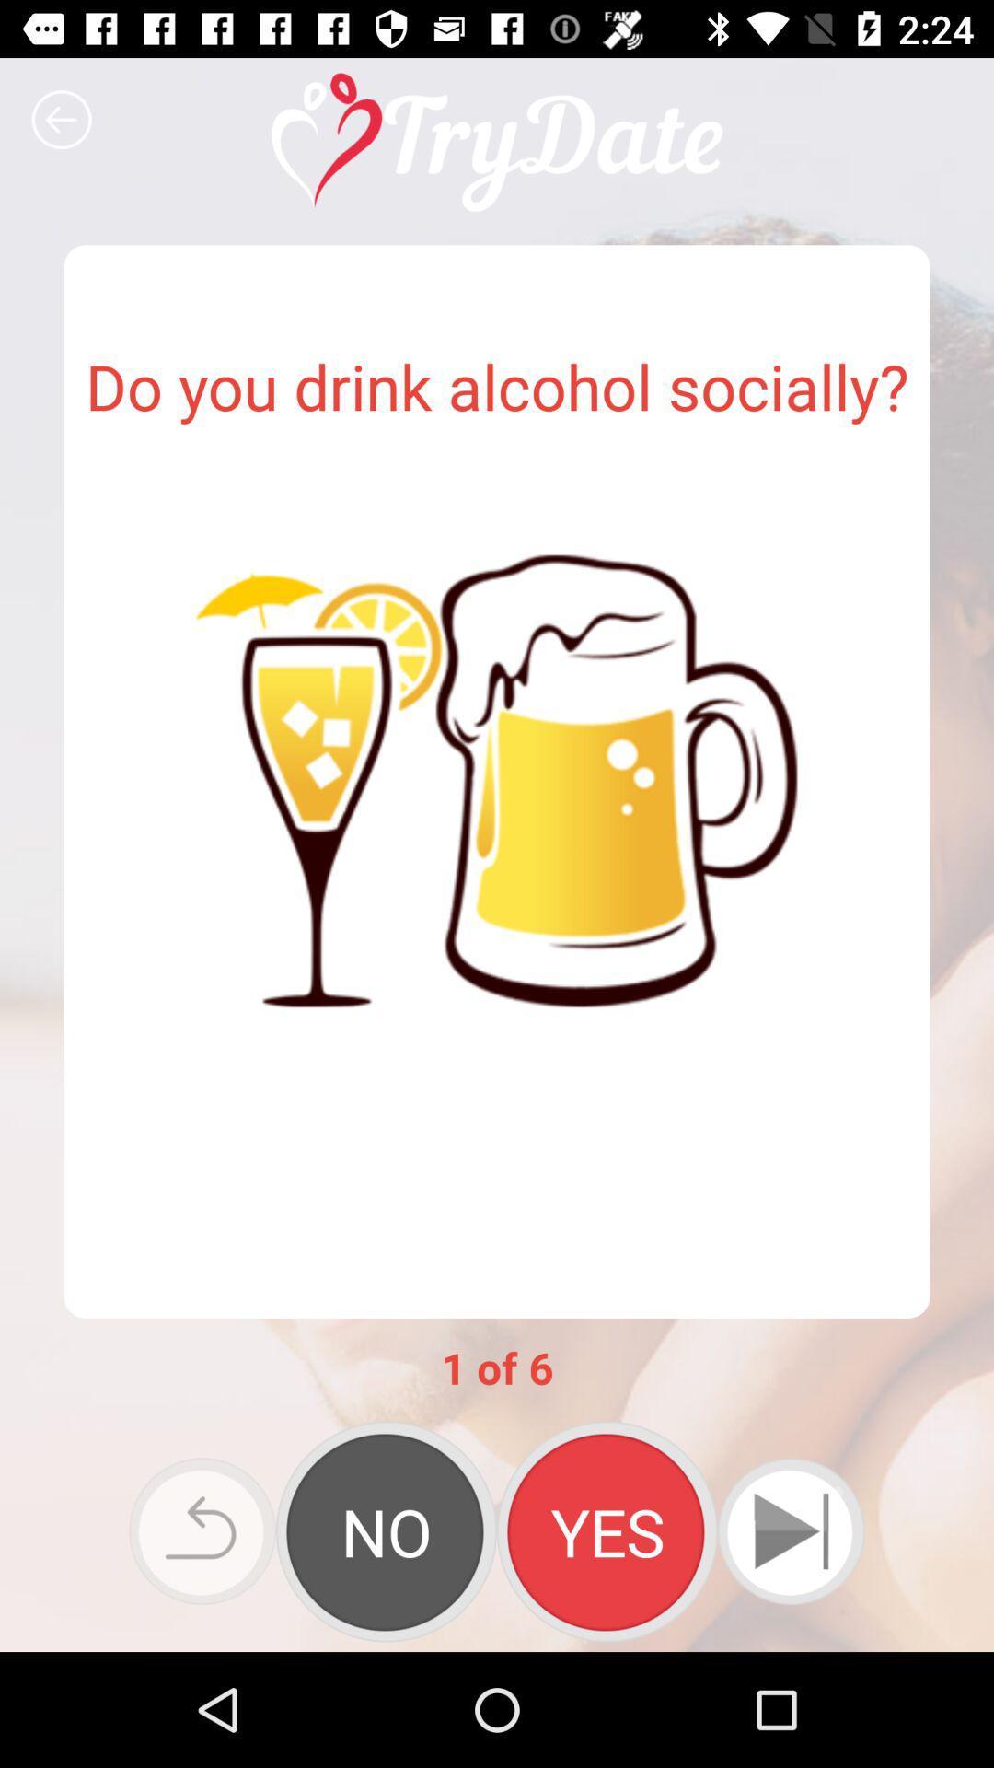 The height and width of the screenshot is (1768, 994). Describe the element at coordinates (607, 1531) in the screenshot. I see `tab to select select to yes` at that location.